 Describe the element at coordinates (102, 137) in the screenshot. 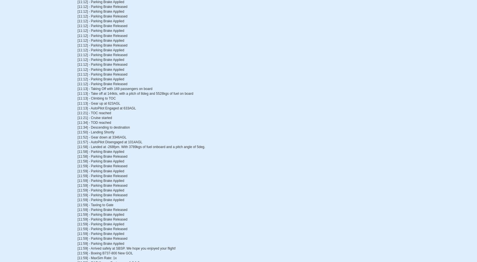

I see `'[11:52] - Gear down at 3346AGL'` at that location.